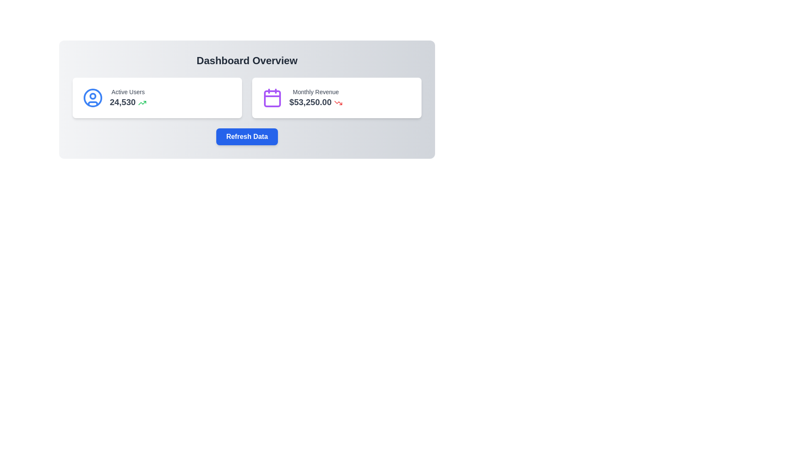 The height and width of the screenshot is (456, 811). I want to click on the growth icon located to the right of the numeric text '24,530' in the 'Active Users' card on the dashboard overview, so click(142, 102).